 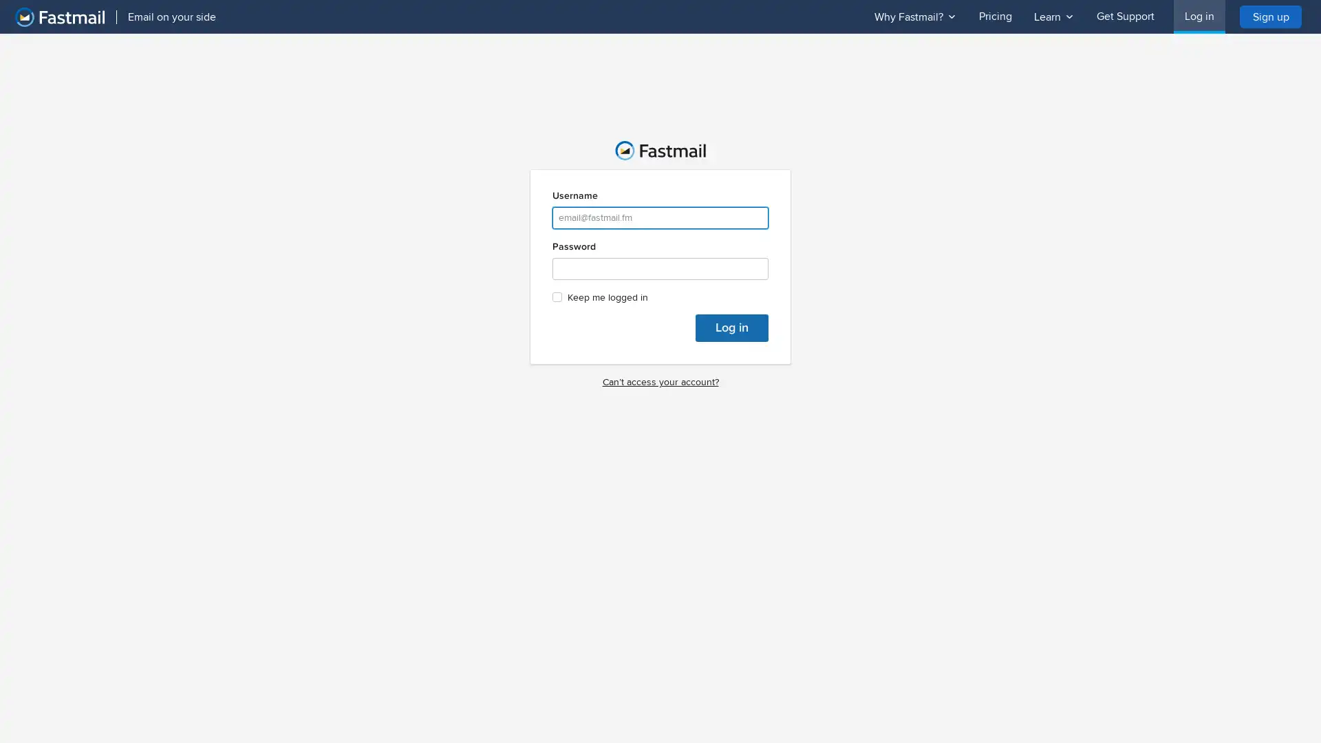 What do you see at coordinates (731, 328) in the screenshot?
I see `Log in` at bounding box center [731, 328].